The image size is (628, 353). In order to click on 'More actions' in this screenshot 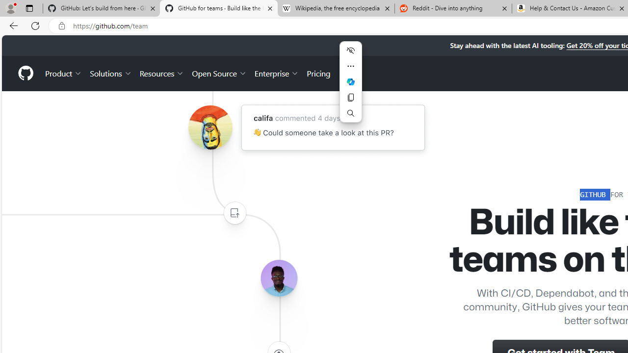, I will do `click(350, 66)`.